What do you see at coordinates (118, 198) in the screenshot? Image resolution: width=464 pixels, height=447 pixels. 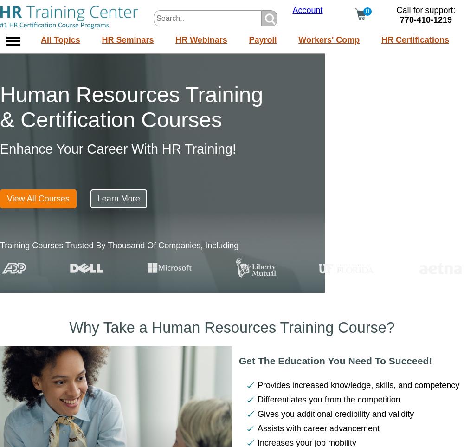 I see `'Learn More'` at bounding box center [118, 198].